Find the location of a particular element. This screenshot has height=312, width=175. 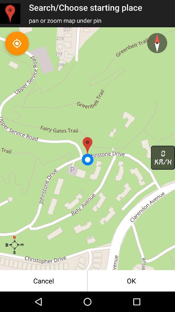

the location_crosshair icon is located at coordinates (17, 43).